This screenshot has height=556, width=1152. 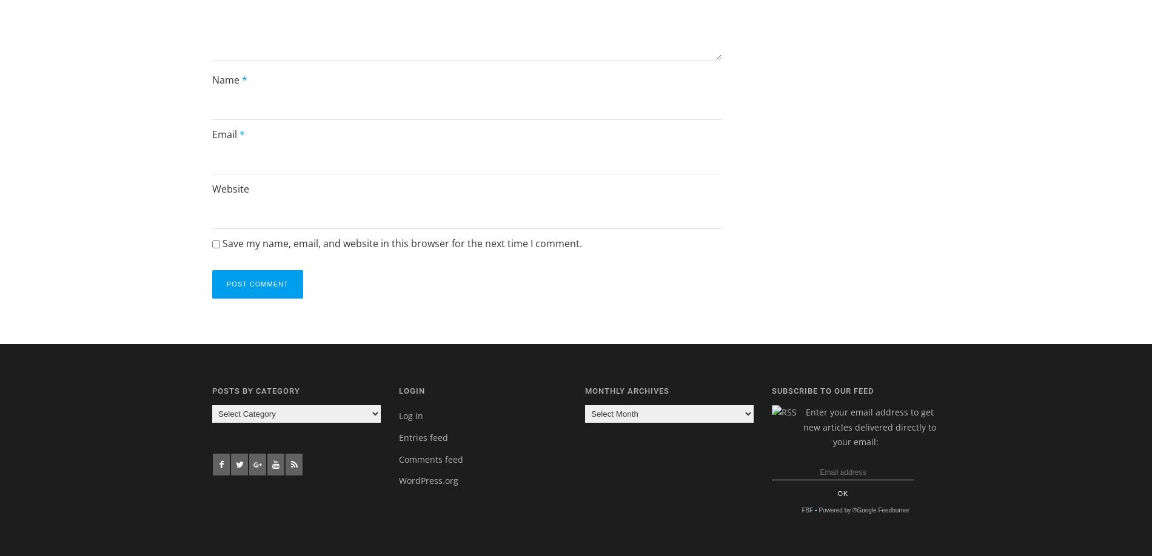 What do you see at coordinates (428, 480) in the screenshot?
I see `'WordPress.org'` at bounding box center [428, 480].